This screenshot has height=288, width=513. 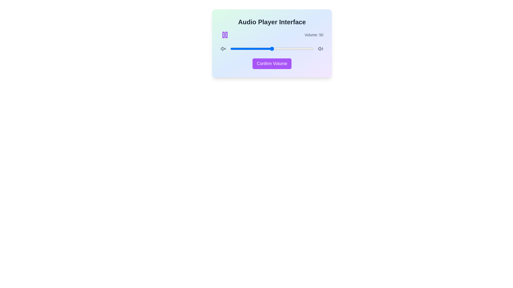 I want to click on the purple pause icon located, so click(x=225, y=35).